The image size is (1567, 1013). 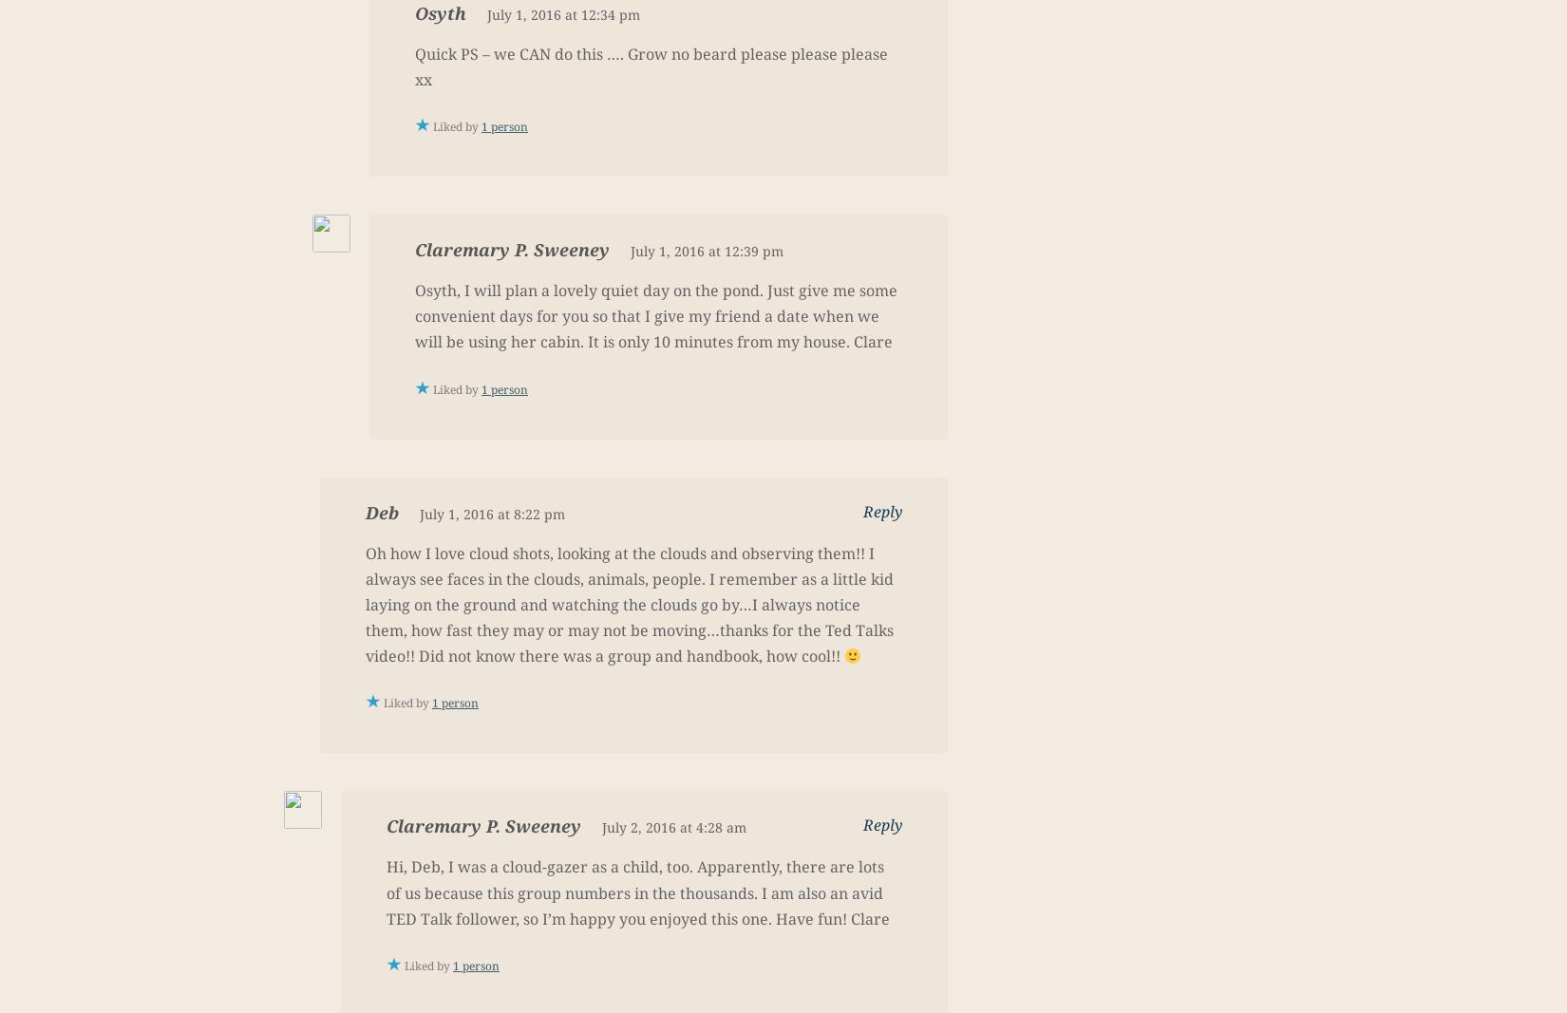 I want to click on 'Quick PS – we CAN do this …. Grow no beard please please please xx', so click(x=651, y=65).